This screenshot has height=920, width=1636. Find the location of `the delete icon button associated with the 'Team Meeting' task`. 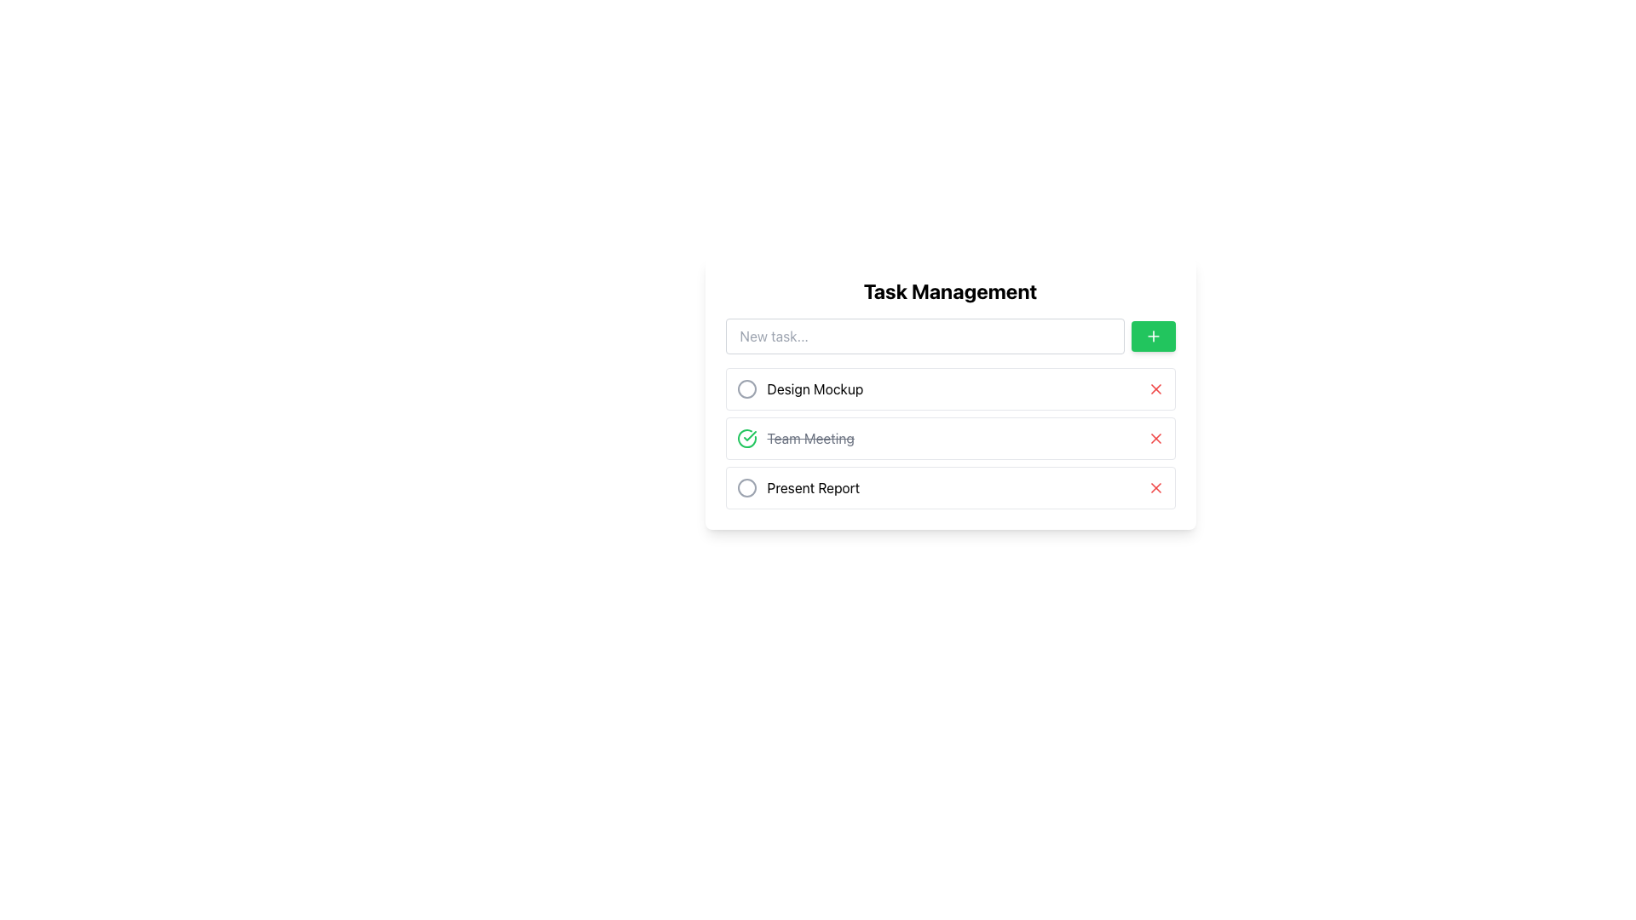

the delete icon button associated with the 'Team Meeting' task is located at coordinates (1155, 438).